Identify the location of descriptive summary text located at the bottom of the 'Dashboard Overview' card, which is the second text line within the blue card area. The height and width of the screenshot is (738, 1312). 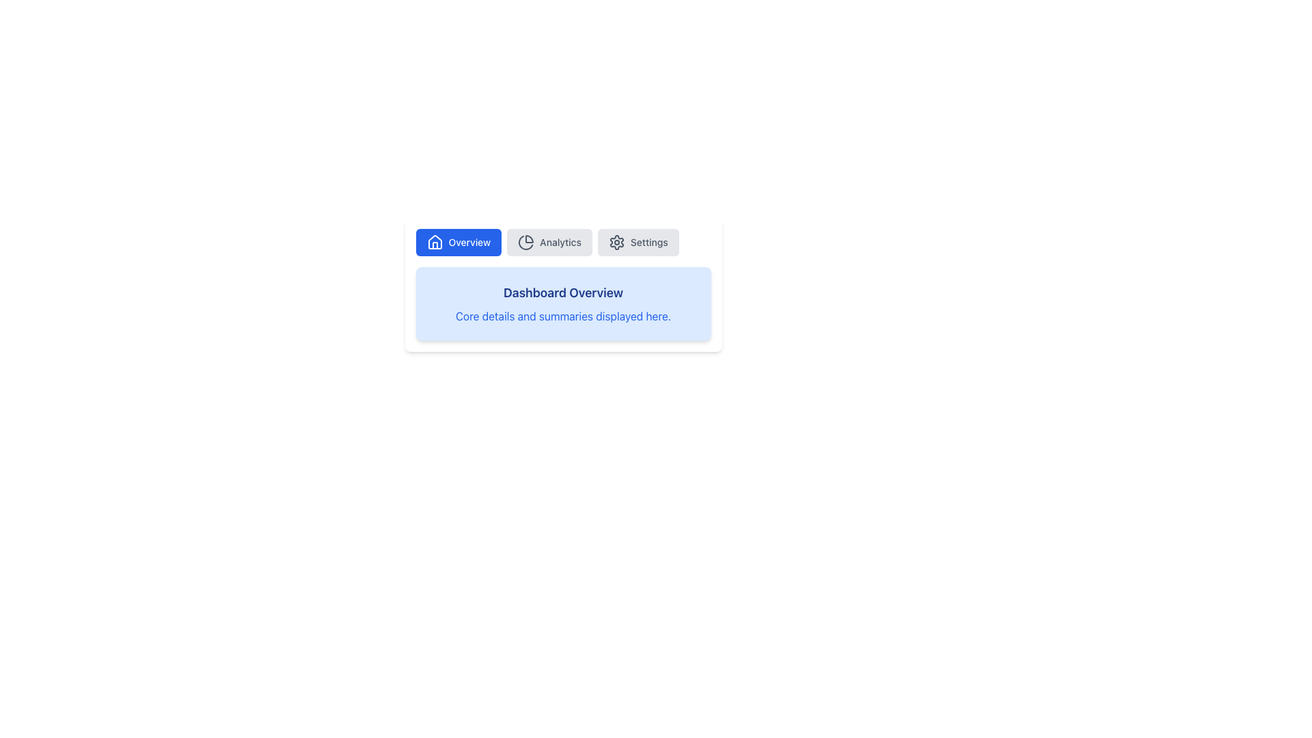
(563, 316).